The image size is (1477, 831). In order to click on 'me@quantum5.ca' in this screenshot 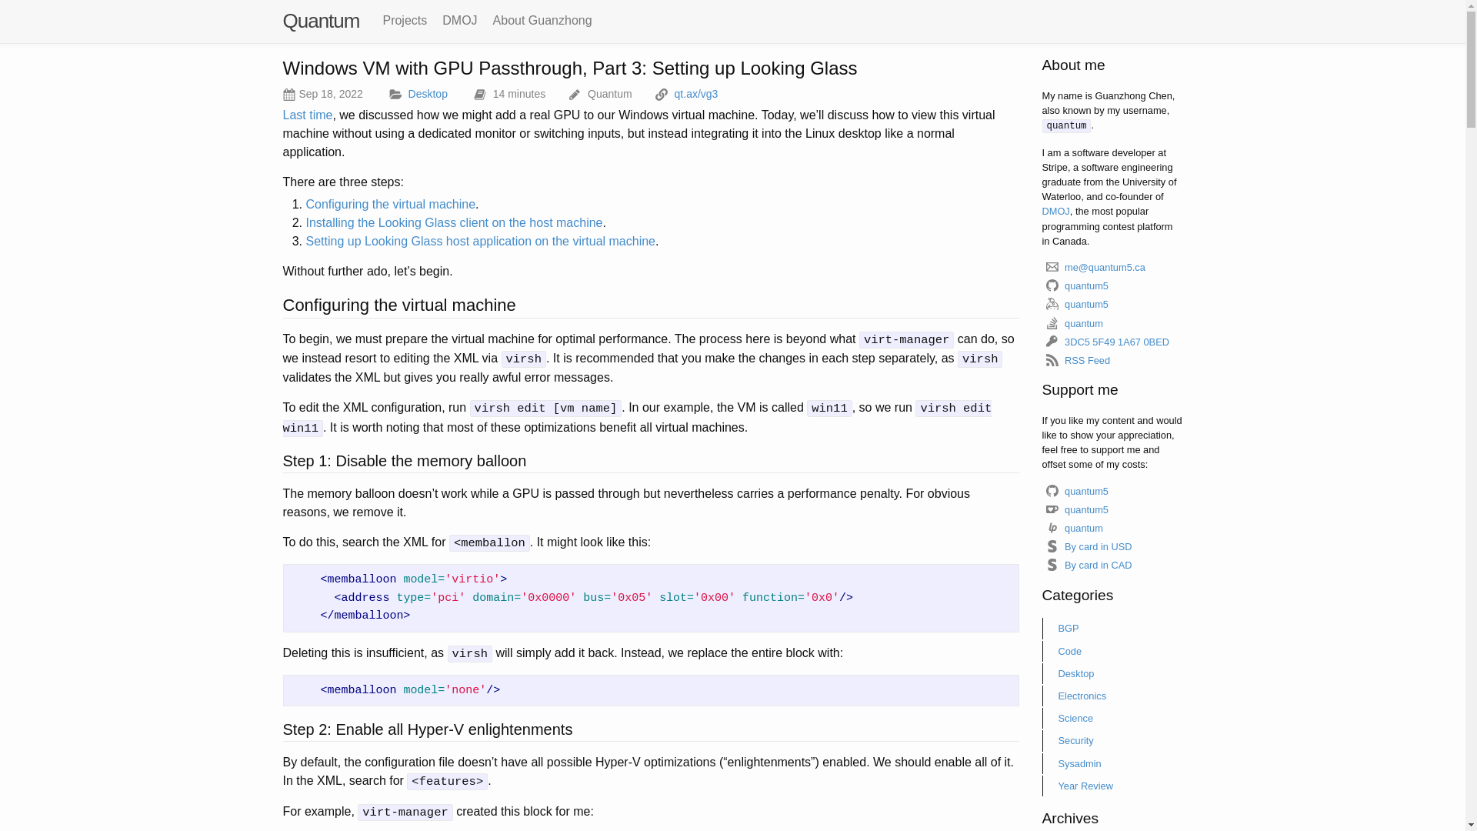, I will do `click(1094, 266)`.